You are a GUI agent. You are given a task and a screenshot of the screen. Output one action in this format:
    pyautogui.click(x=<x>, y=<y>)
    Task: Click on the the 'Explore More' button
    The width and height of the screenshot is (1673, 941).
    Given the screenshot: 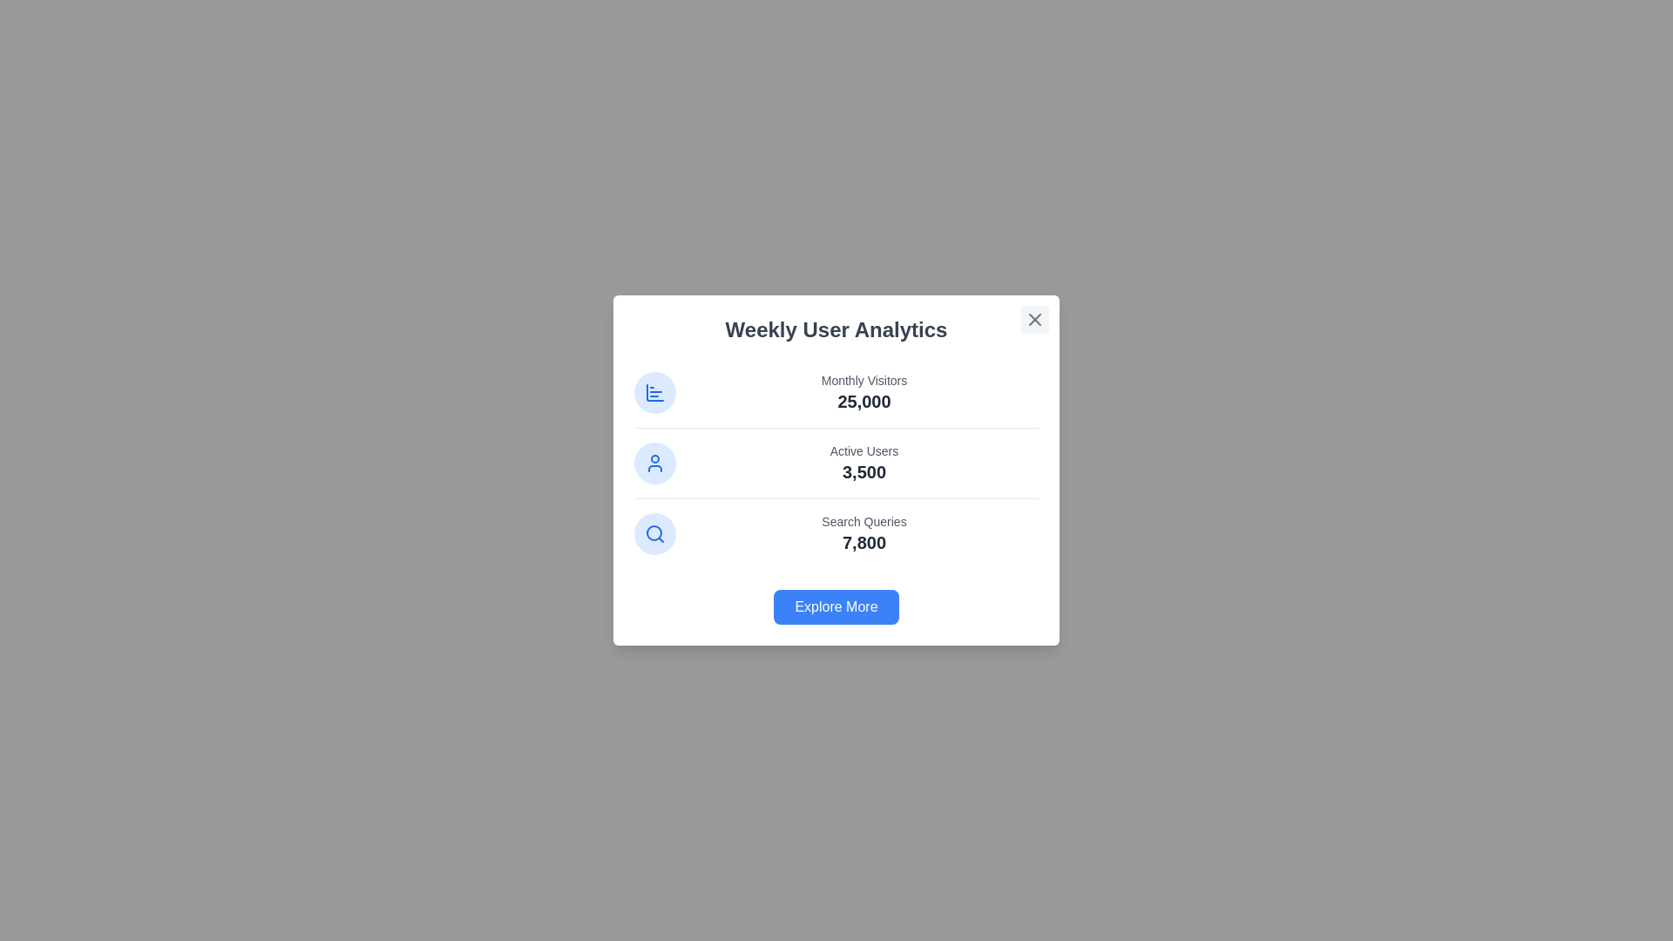 What is the action you would take?
    pyautogui.click(x=836, y=606)
    